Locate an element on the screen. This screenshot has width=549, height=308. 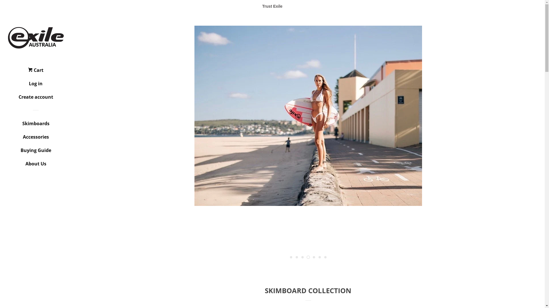
'Cart' is located at coordinates (35, 72).